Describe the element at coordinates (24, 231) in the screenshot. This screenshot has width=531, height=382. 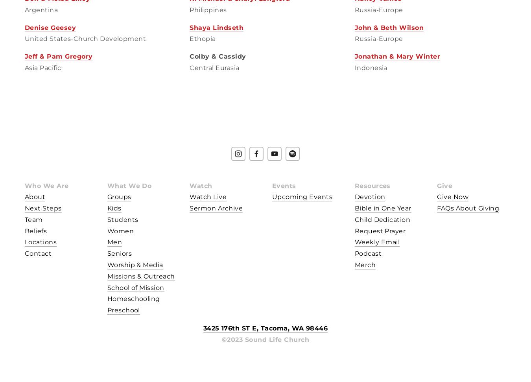
I see `'Beliefs'` at that location.